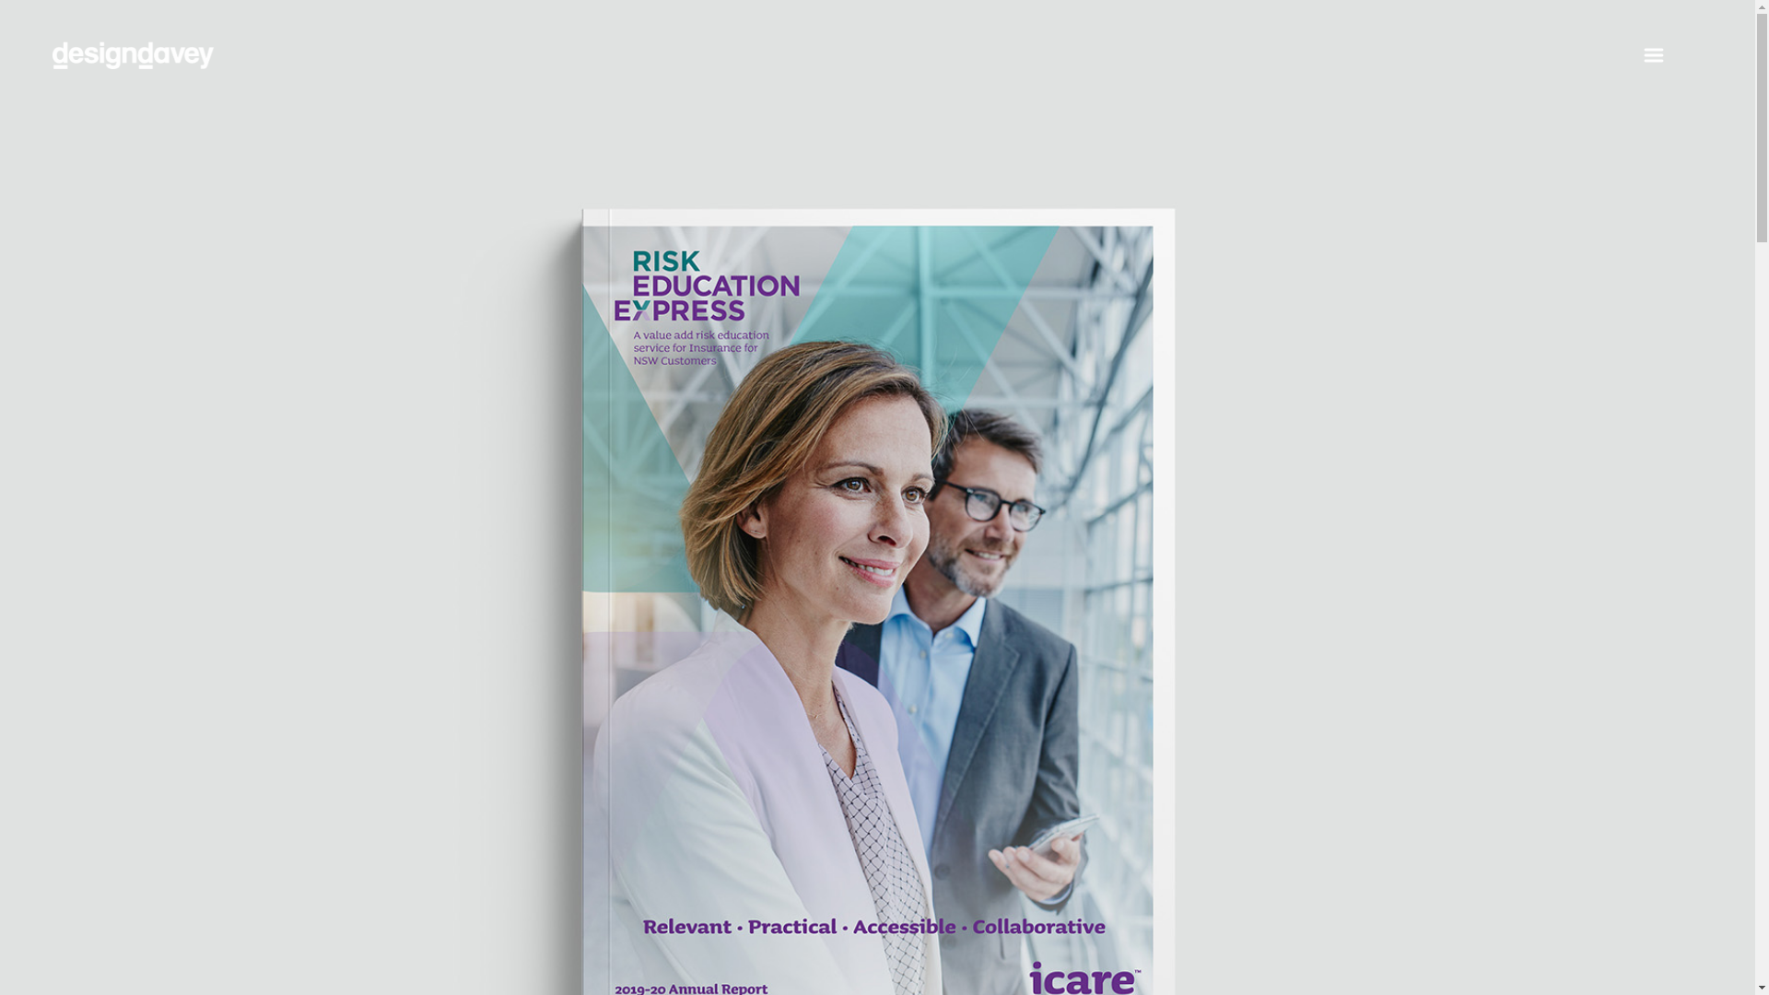  I want to click on 'Home', so click(53, 66).